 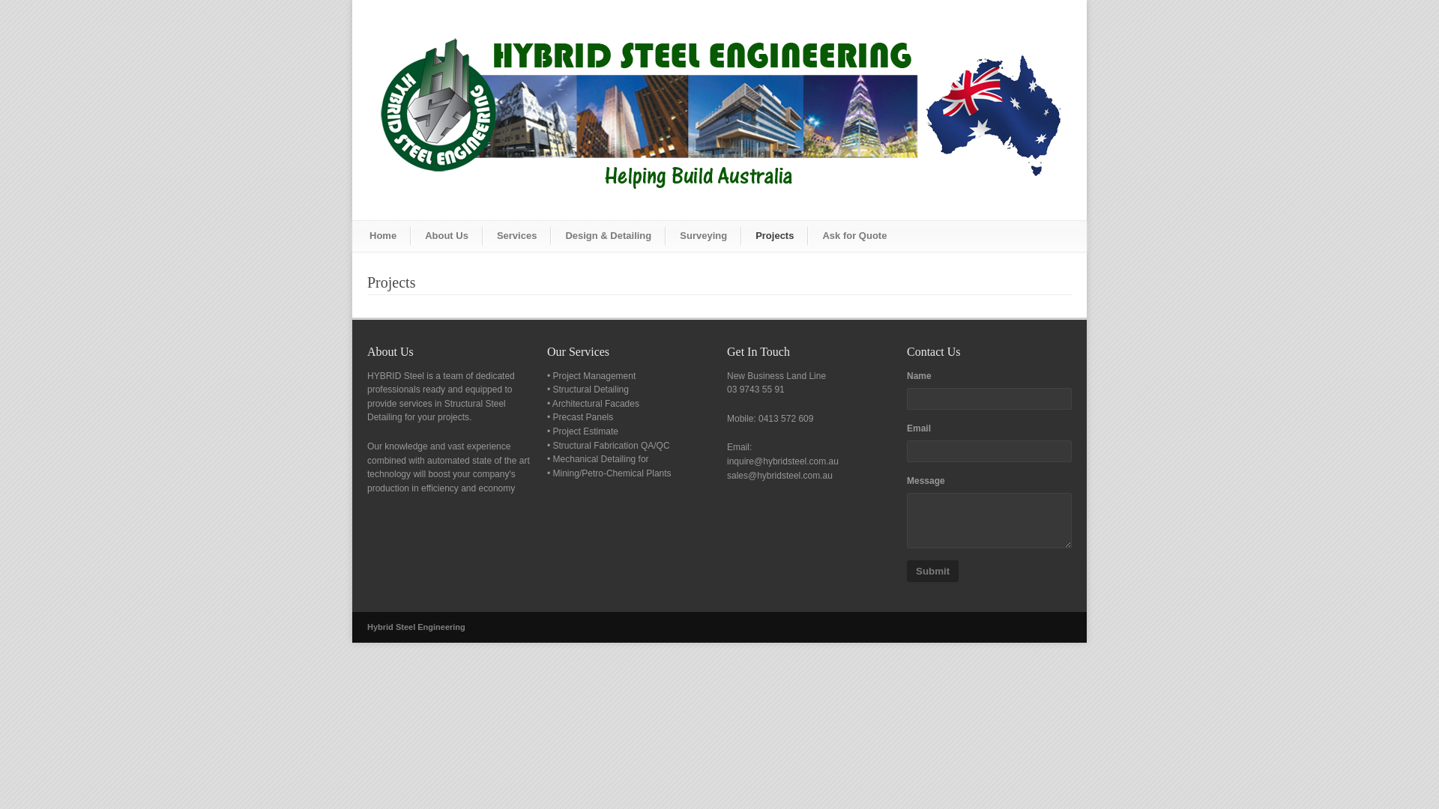 I want to click on 'Design & Detailing', so click(x=608, y=236).